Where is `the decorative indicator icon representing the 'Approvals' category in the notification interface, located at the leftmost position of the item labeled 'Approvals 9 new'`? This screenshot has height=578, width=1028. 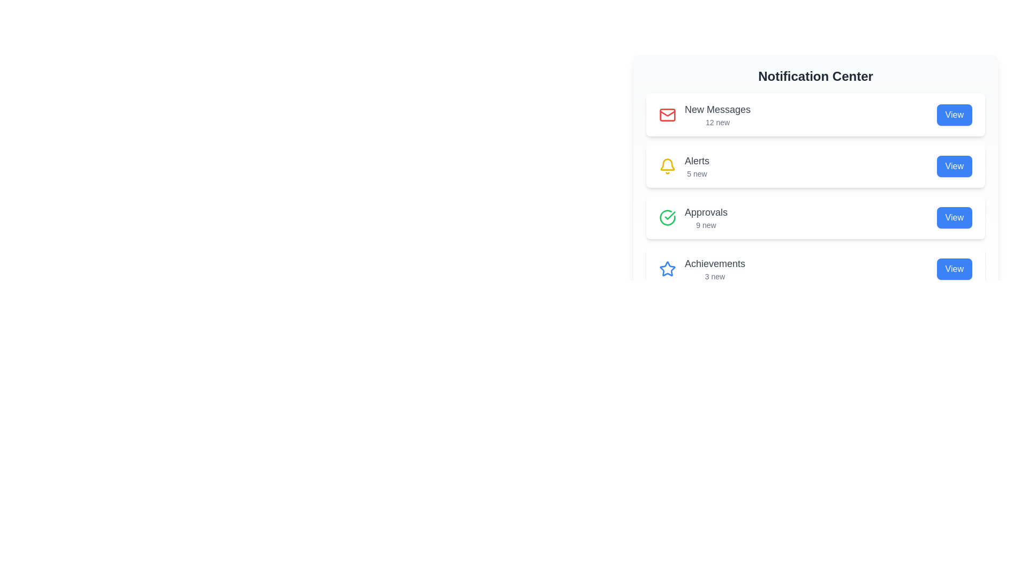
the decorative indicator icon representing the 'Approvals' category in the notification interface, located at the leftmost position of the item labeled 'Approvals 9 new' is located at coordinates (667, 217).